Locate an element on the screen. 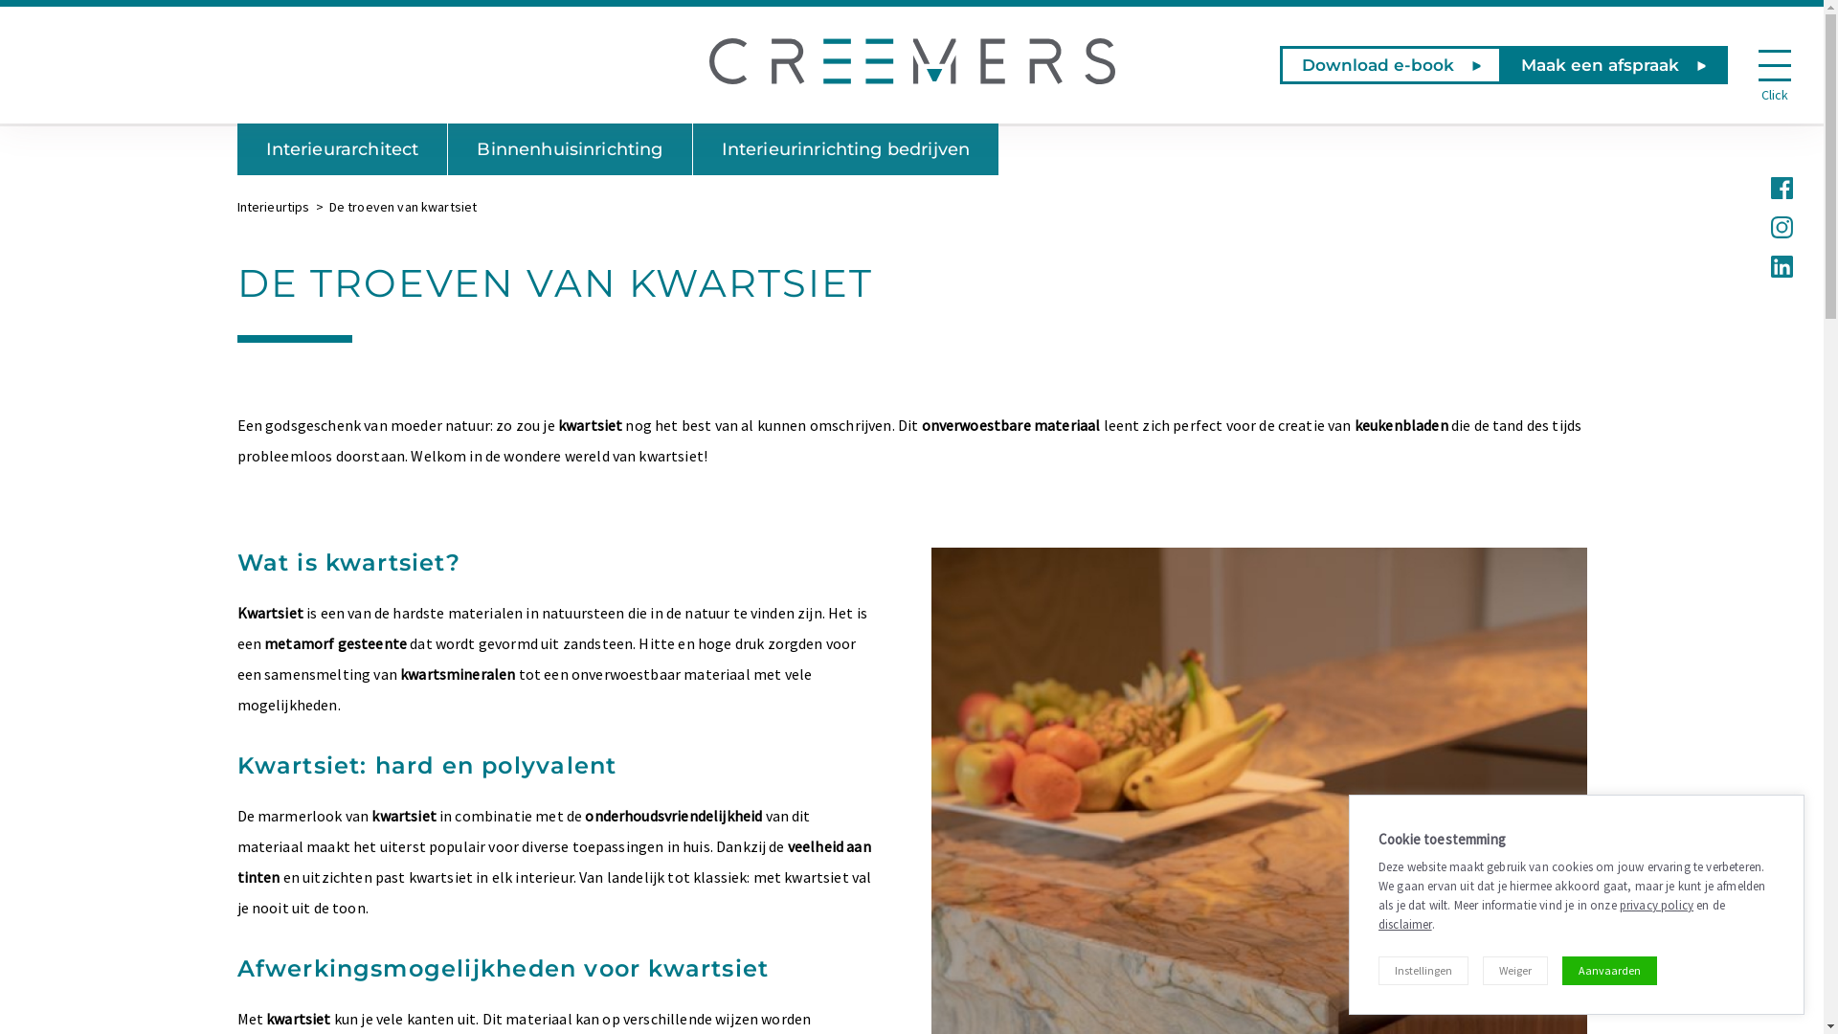 This screenshot has width=1838, height=1034. 'facebook' is located at coordinates (1779, 186).